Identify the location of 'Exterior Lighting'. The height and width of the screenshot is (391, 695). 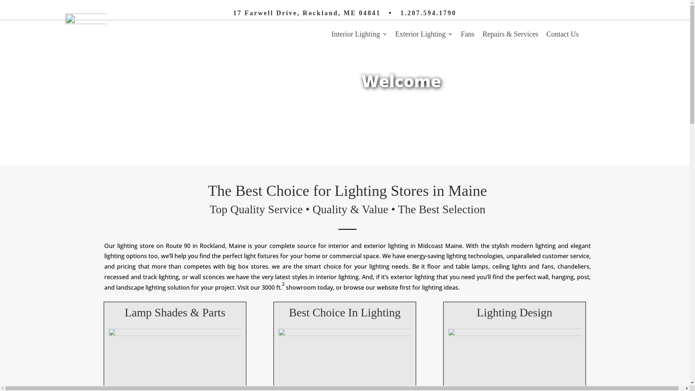
(424, 35).